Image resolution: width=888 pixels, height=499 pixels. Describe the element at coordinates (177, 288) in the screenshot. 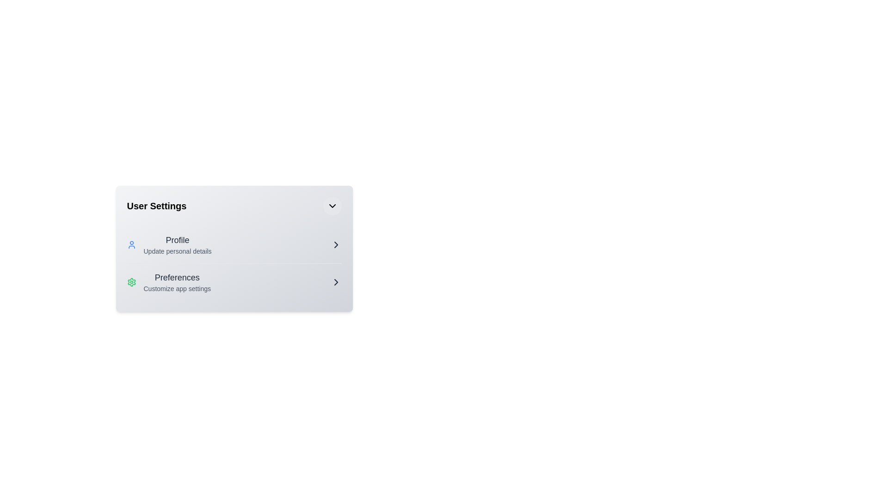

I see `text label 'Customize app settings' located beneath the 'Preferences' section` at that location.